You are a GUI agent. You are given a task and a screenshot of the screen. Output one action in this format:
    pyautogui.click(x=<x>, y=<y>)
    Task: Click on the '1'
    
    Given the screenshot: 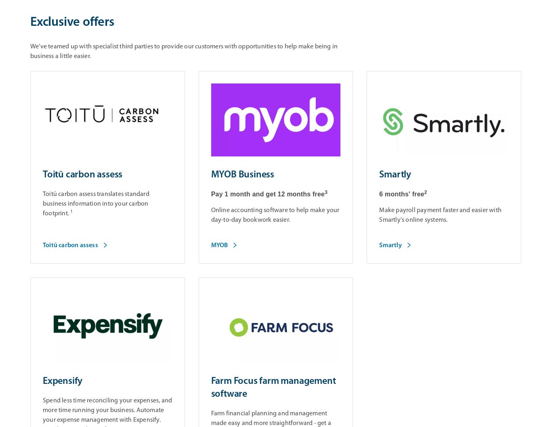 What is the action you would take?
    pyautogui.click(x=71, y=211)
    